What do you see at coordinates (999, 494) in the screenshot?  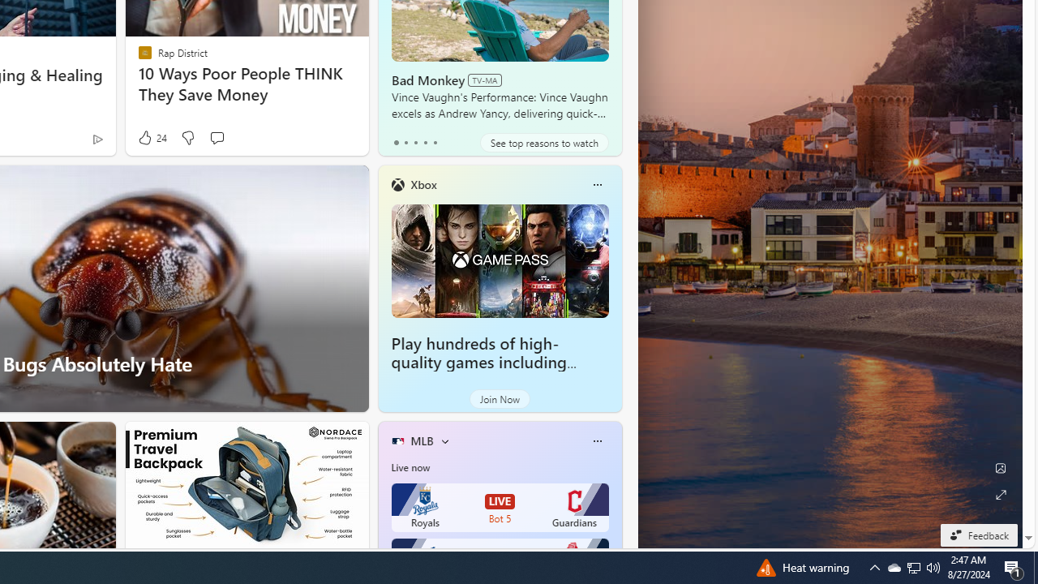 I see `'Expand background'` at bounding box center [999, 494].